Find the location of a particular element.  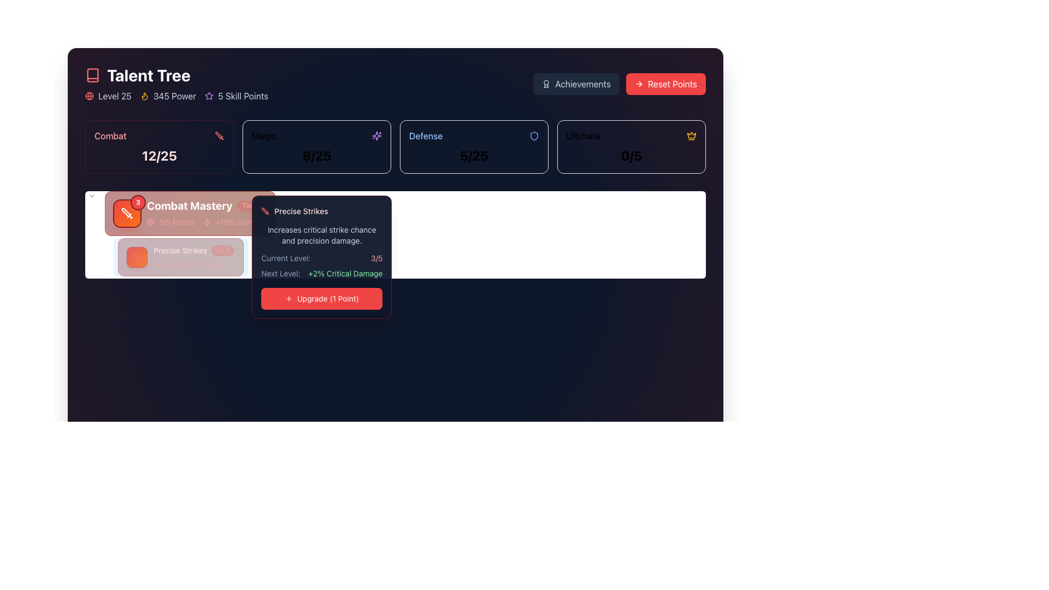

the heart-shaped button located in the bottom center of the 'Ultimate' section to interact with the 'Ultimate' score card is located at coordinates (650, 174).